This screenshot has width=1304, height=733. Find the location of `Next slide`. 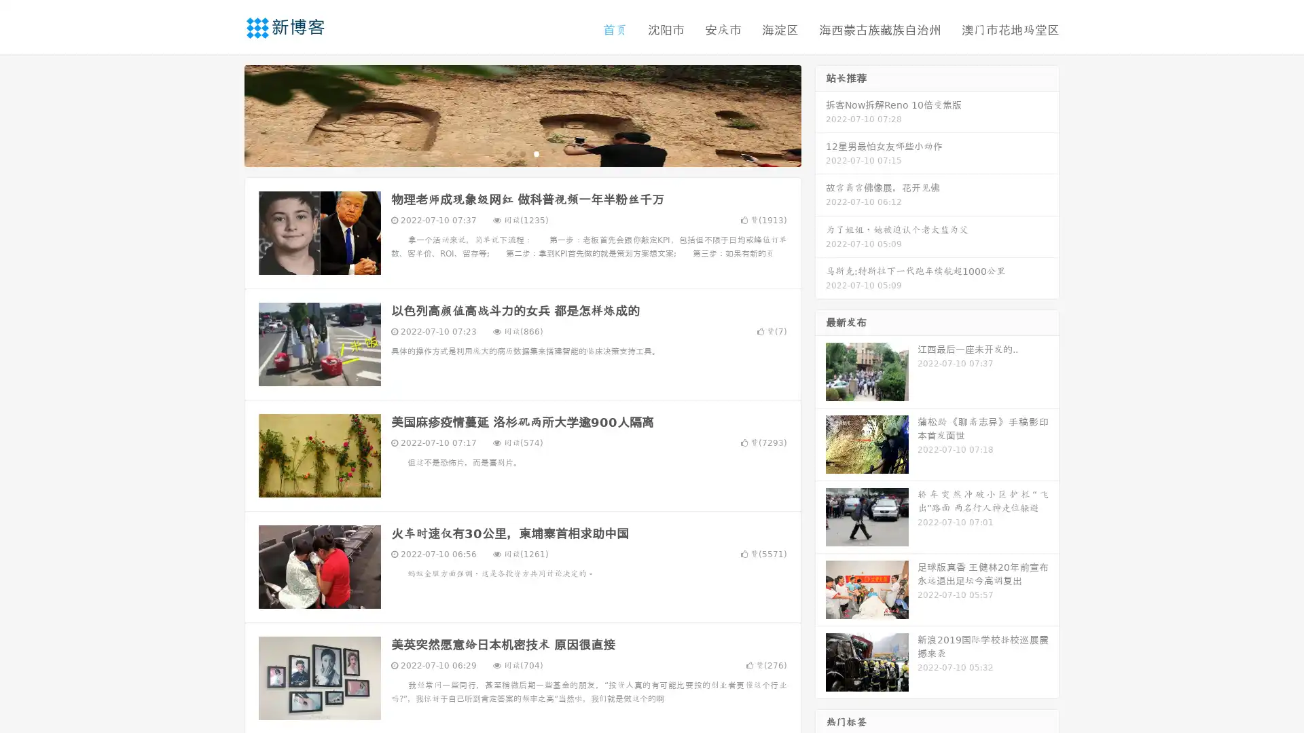

Next slide is located at coordinates (820, 114).